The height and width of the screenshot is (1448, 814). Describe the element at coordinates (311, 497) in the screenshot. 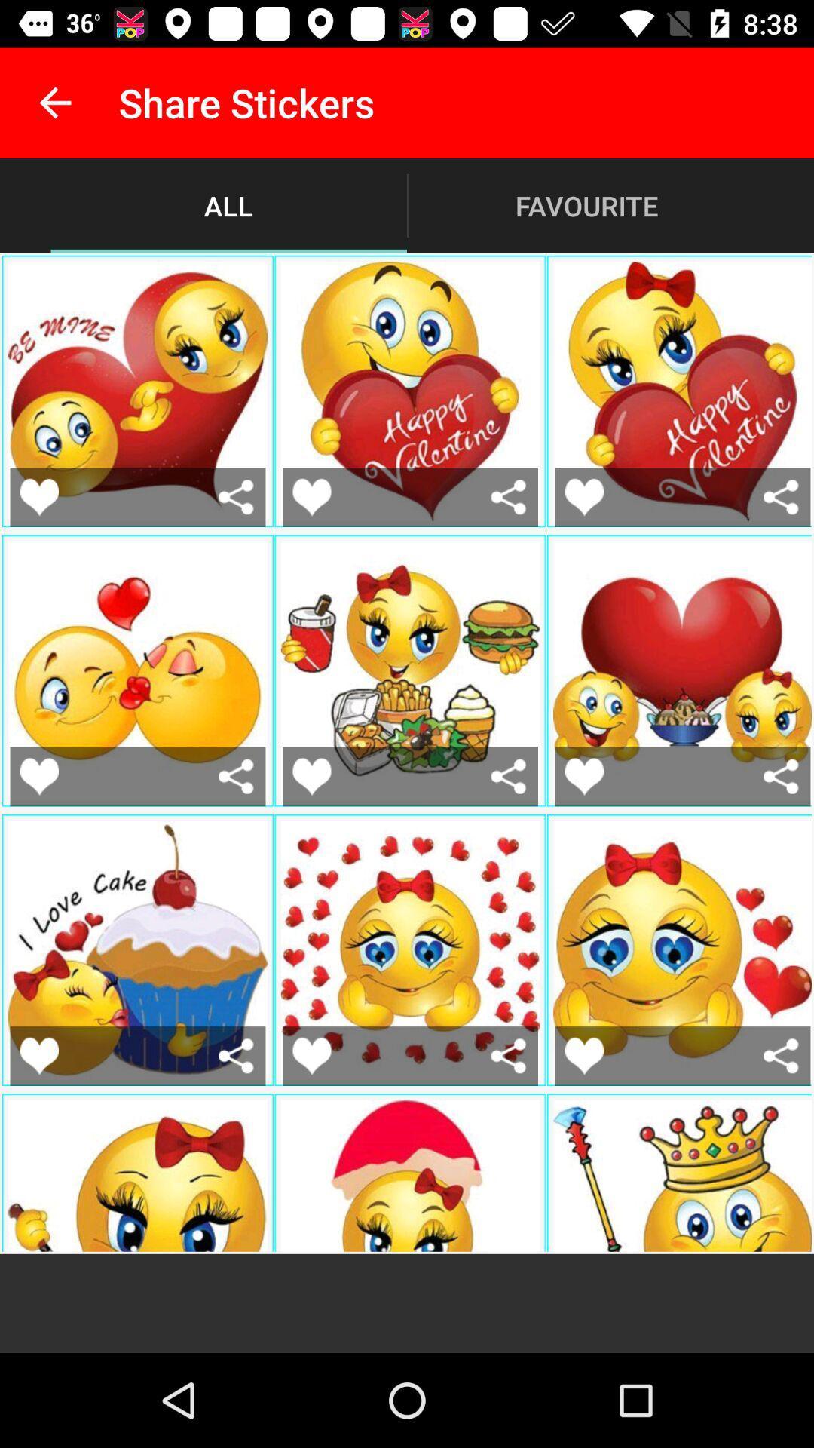

I see `mark as favorite` at that location.